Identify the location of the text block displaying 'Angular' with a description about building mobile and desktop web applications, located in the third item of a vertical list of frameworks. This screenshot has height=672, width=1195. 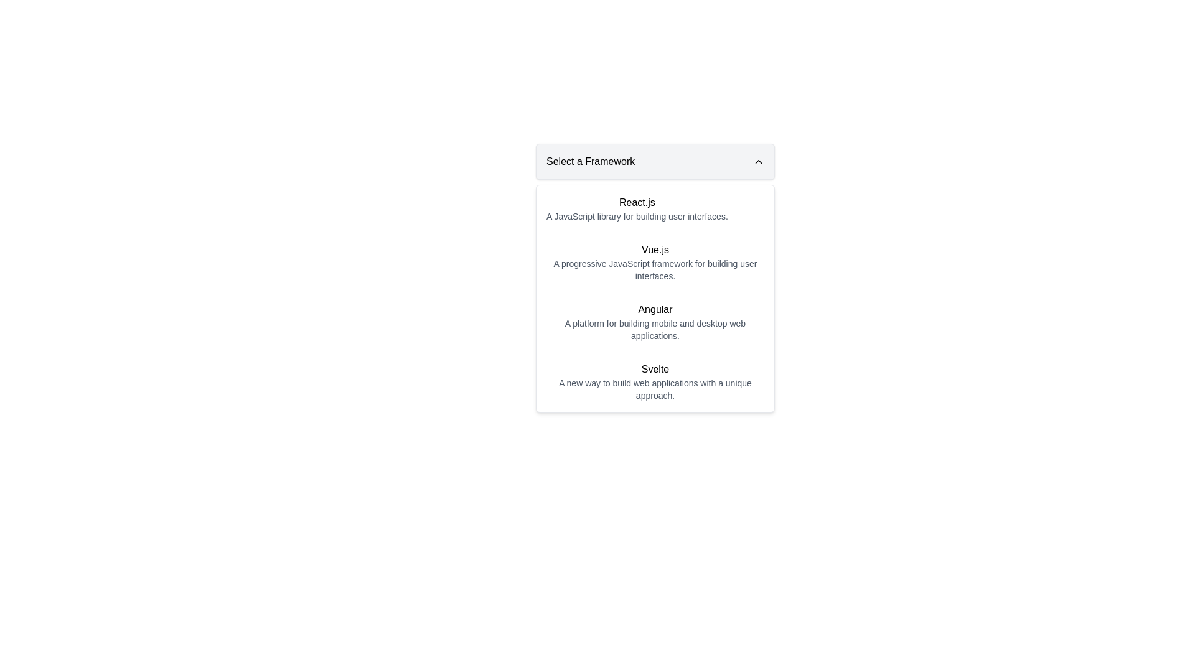
(654, 321).